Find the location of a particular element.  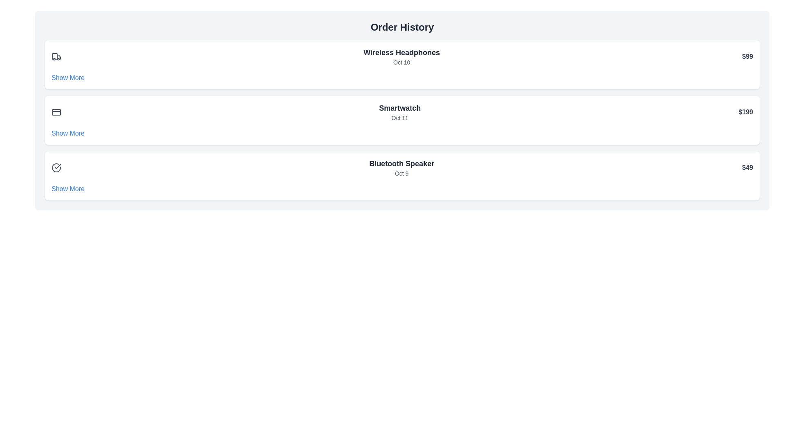

the button located in the bottom-left corner of the first card under 'Wireless Headphones' to change its color indicating interactivity is located at coordinates (68, 78).